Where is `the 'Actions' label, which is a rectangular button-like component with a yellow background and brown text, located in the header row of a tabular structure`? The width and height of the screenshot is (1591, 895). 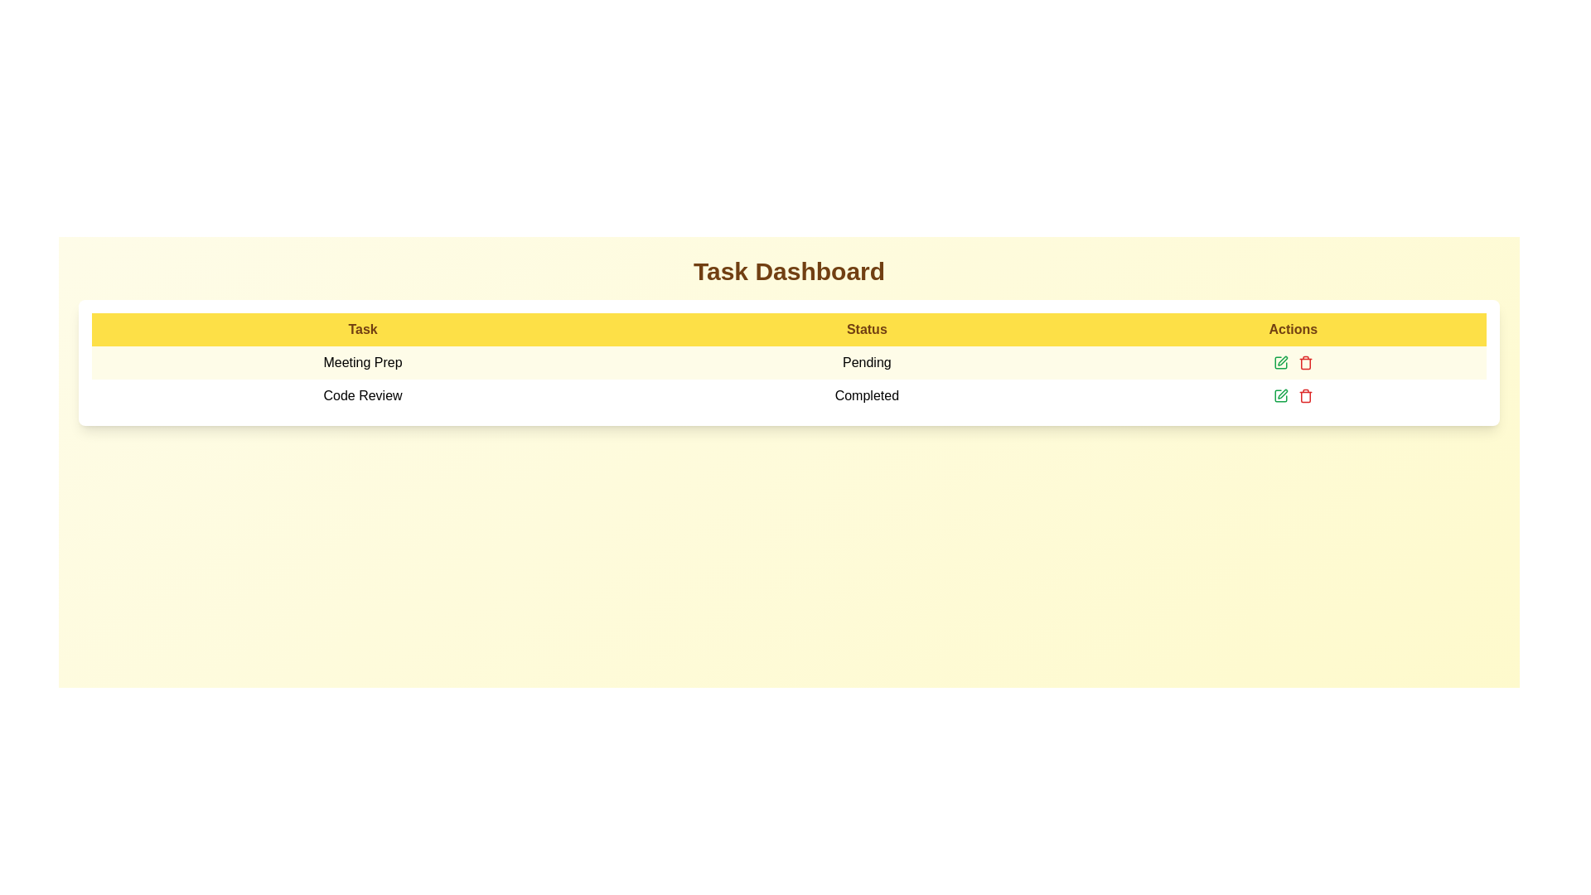
the 'Actions' label, which is a rectangular button-like component with a yellow background and brown text, located in the header row of a tabular structure is located at coordinates (1292, 329).